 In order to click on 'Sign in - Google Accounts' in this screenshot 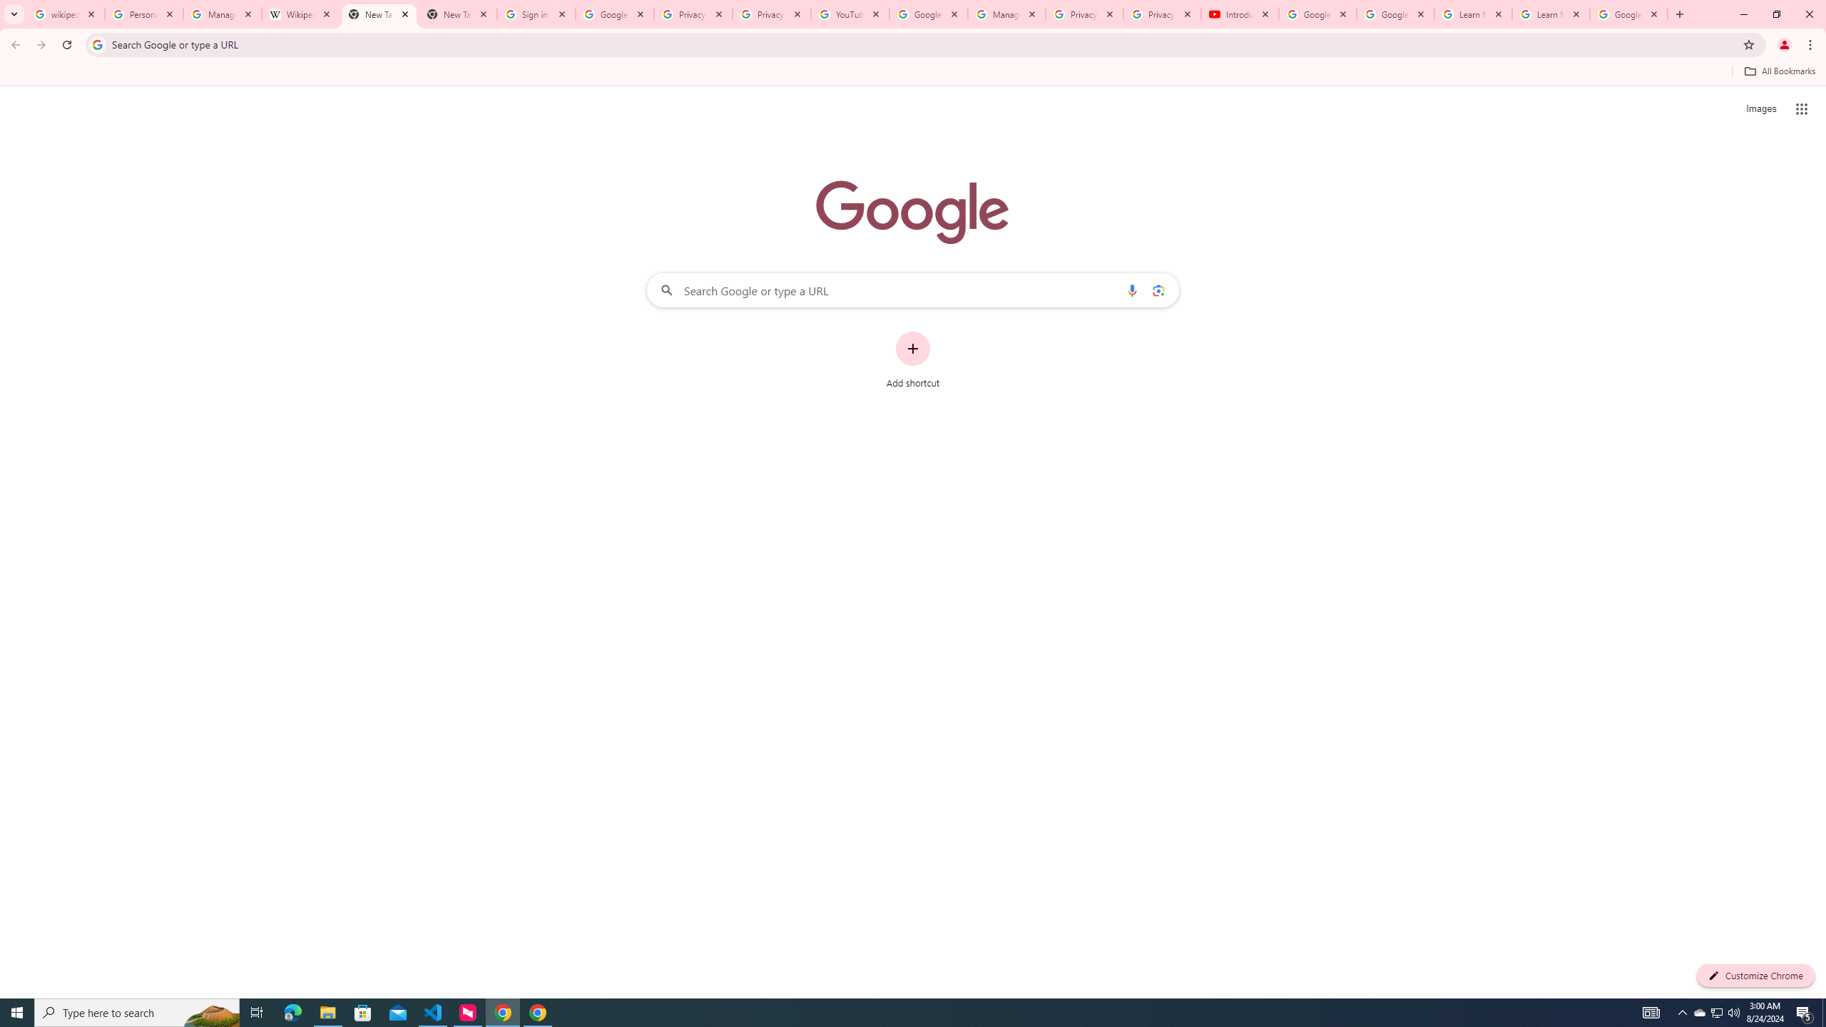, I will do `click(536, 14)`.